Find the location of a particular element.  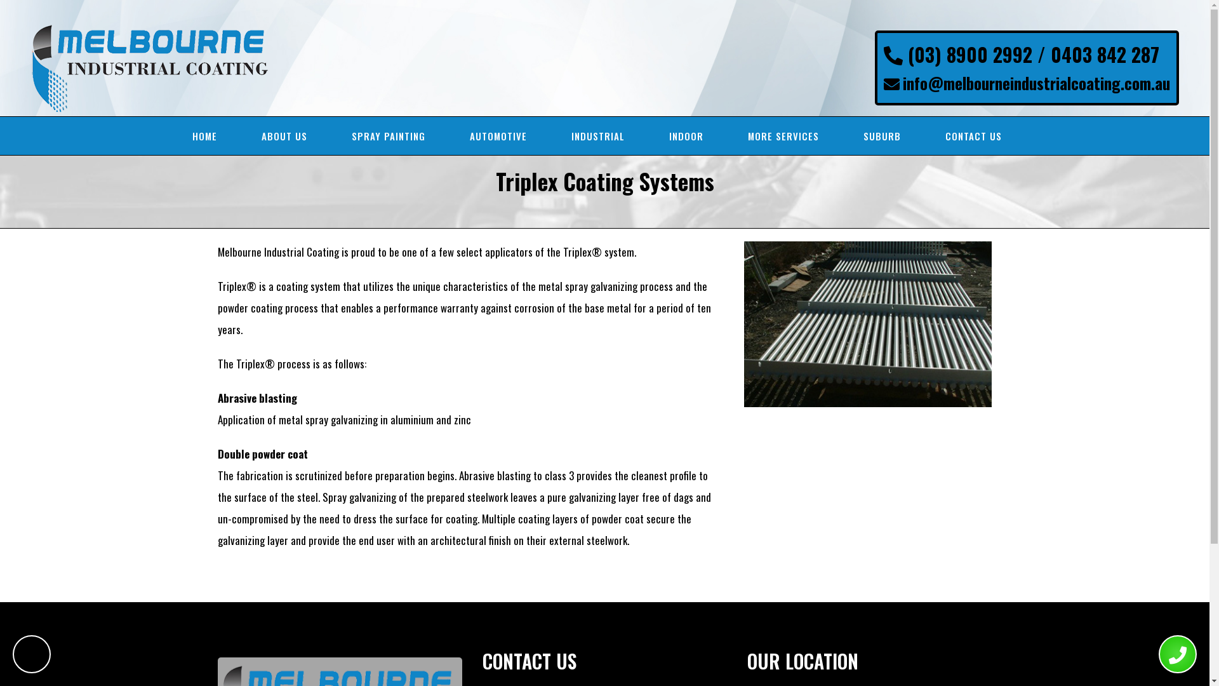

'INDOOR' is located at coordinates (685, 135).